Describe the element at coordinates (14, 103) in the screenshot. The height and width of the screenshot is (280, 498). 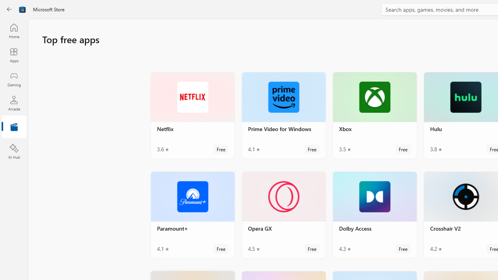
I see `'Arcade'` at that location.